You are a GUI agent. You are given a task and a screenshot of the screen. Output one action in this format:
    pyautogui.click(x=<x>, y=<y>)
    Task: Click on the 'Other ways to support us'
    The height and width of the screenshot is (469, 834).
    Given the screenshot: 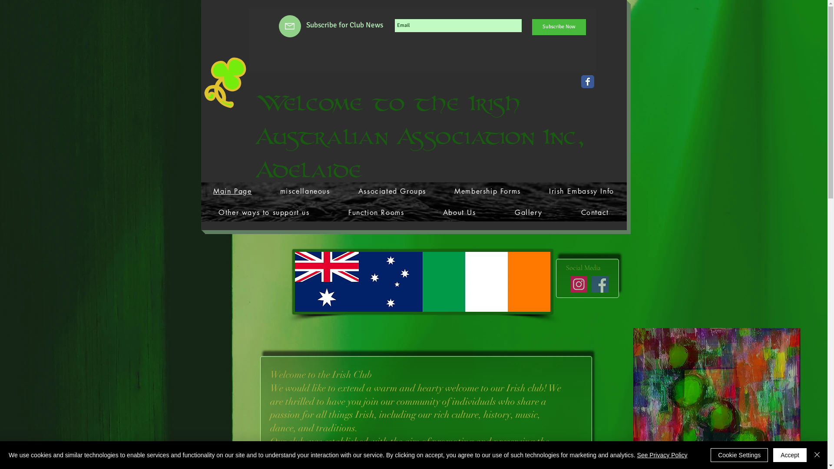 What is the action you would take?
    pyautogui.click(x=263, y=212)
    